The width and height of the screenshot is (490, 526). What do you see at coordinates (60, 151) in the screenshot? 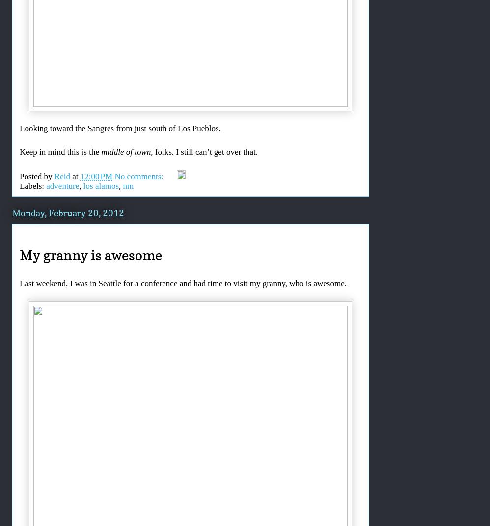
I see `'Keep in mind this is the'` at bounding box center [60, 151].